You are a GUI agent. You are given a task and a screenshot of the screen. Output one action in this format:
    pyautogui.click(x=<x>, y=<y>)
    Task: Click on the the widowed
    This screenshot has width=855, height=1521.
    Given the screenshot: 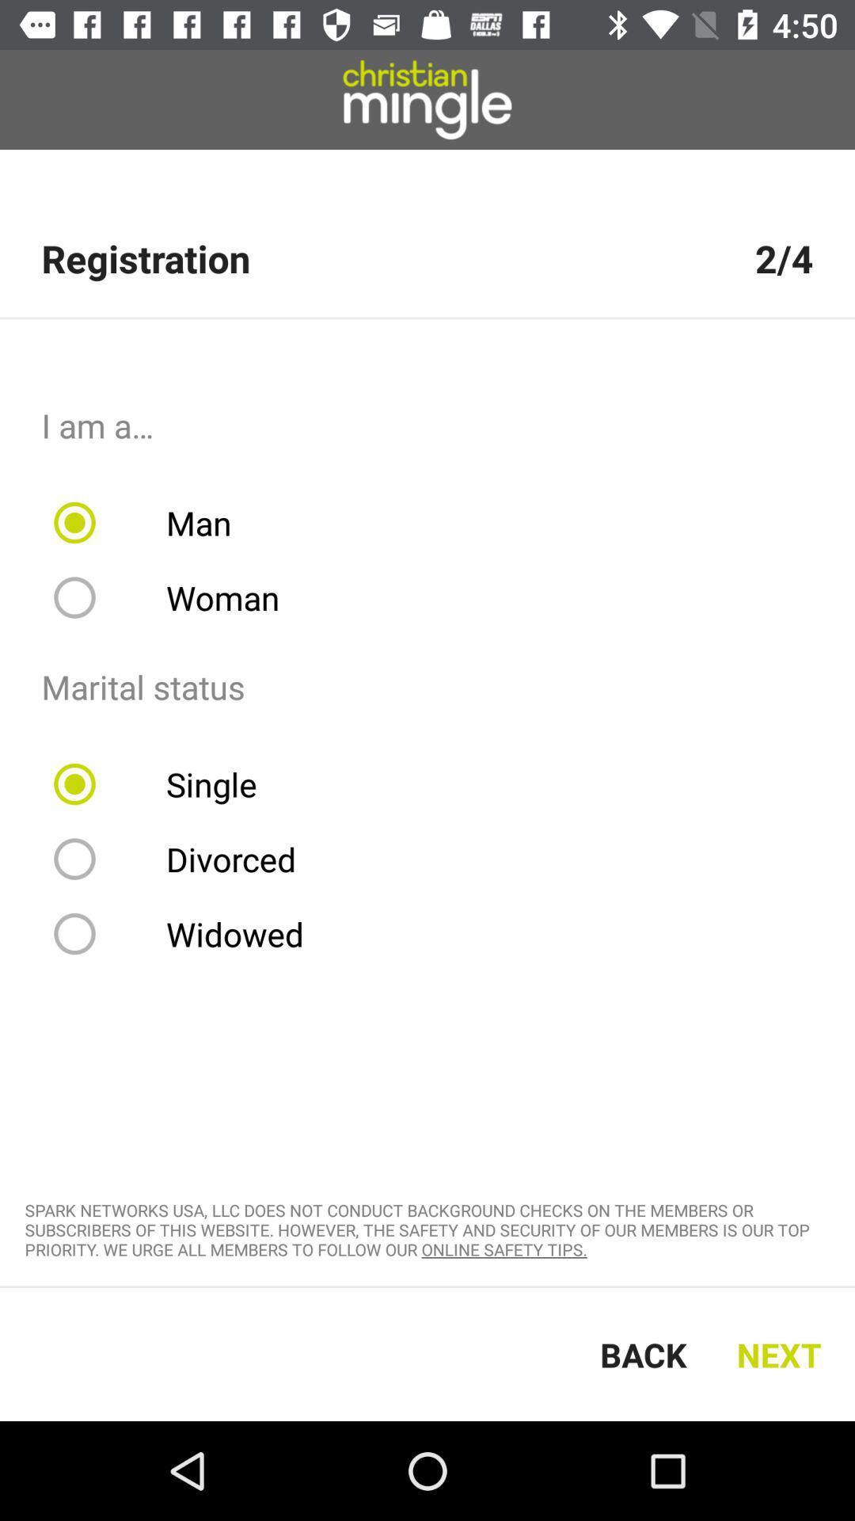 What is the action you would take?
    pyautogui.click(x=188, y=934)
    